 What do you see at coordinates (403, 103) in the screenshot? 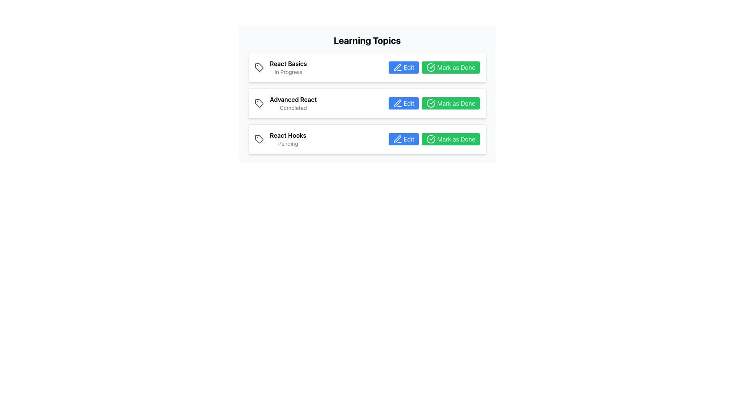
I see `the 'Edit' button with a blue background and white text` at bounding box center [403, 103].